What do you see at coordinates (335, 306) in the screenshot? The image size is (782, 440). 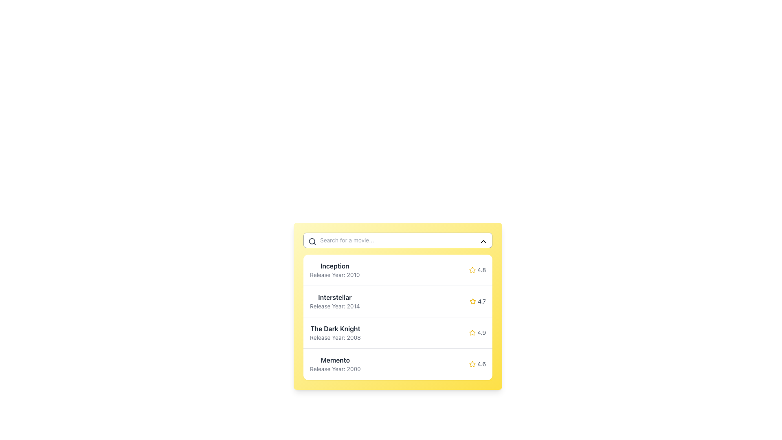 I see `text label displaying 'Release Year: 2014', which is located below the 'Interstellar' title and is right-aligned with it` at bounding box center [335, 306].